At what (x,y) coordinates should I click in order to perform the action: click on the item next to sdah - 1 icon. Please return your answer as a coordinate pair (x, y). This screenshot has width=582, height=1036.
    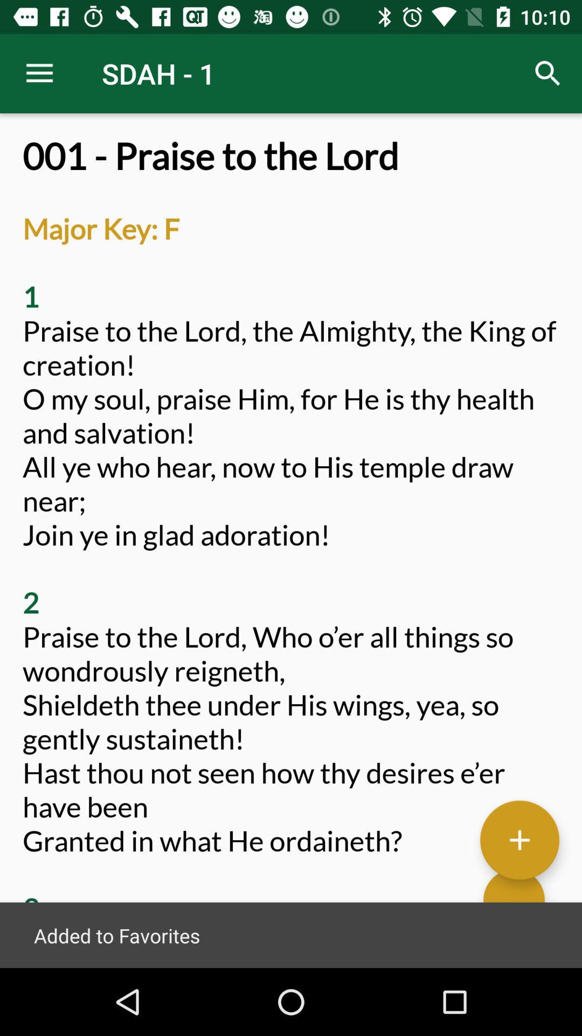
    Looking at the image, I should click on (548, 73).